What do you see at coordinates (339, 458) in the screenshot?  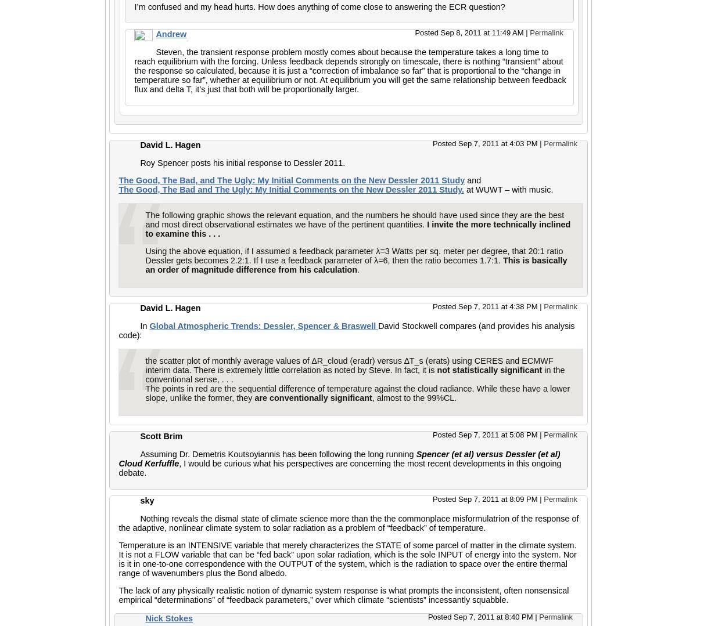 I see `'Spencer (et al) versus Dessler (et al) Cloud Kerfuffle'` at bounding box center [339, 458].